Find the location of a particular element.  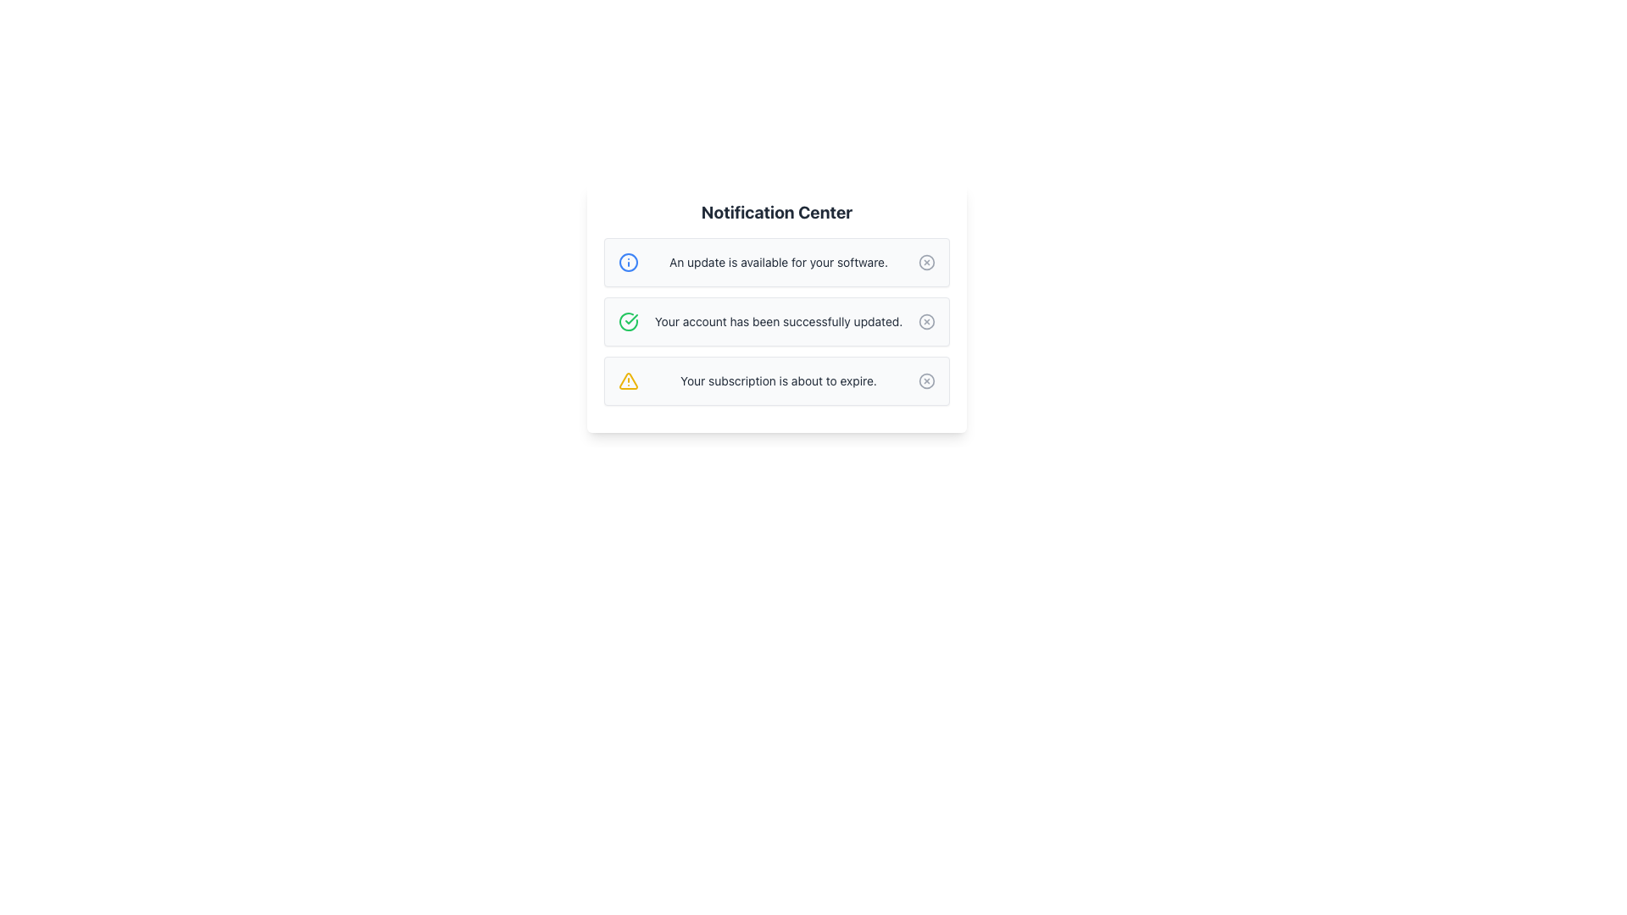

the outermost circular edge of the icon located at the end of the first row of the notification list, which is aligned with the text stating 'An update is available for your software.' is located at coordinates (926, 262).